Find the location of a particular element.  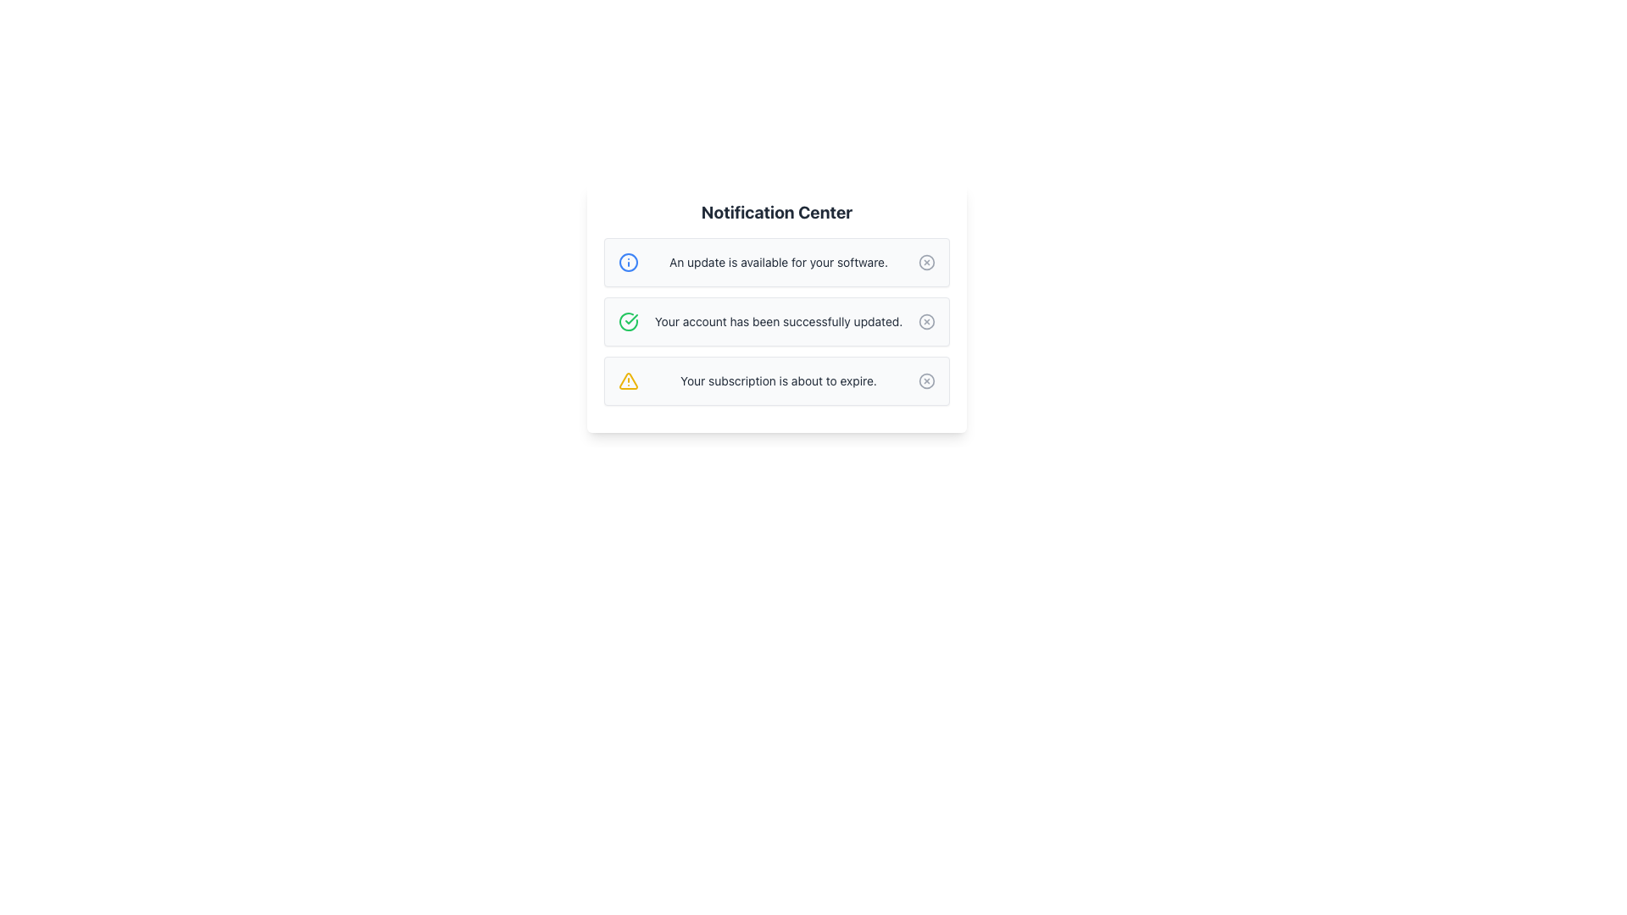

the outermost circular edge of the icon located at the end of the first row of the notification list, which is aligned with the text stating 'An update is available for your software.' is located at coordinates (926, 262).